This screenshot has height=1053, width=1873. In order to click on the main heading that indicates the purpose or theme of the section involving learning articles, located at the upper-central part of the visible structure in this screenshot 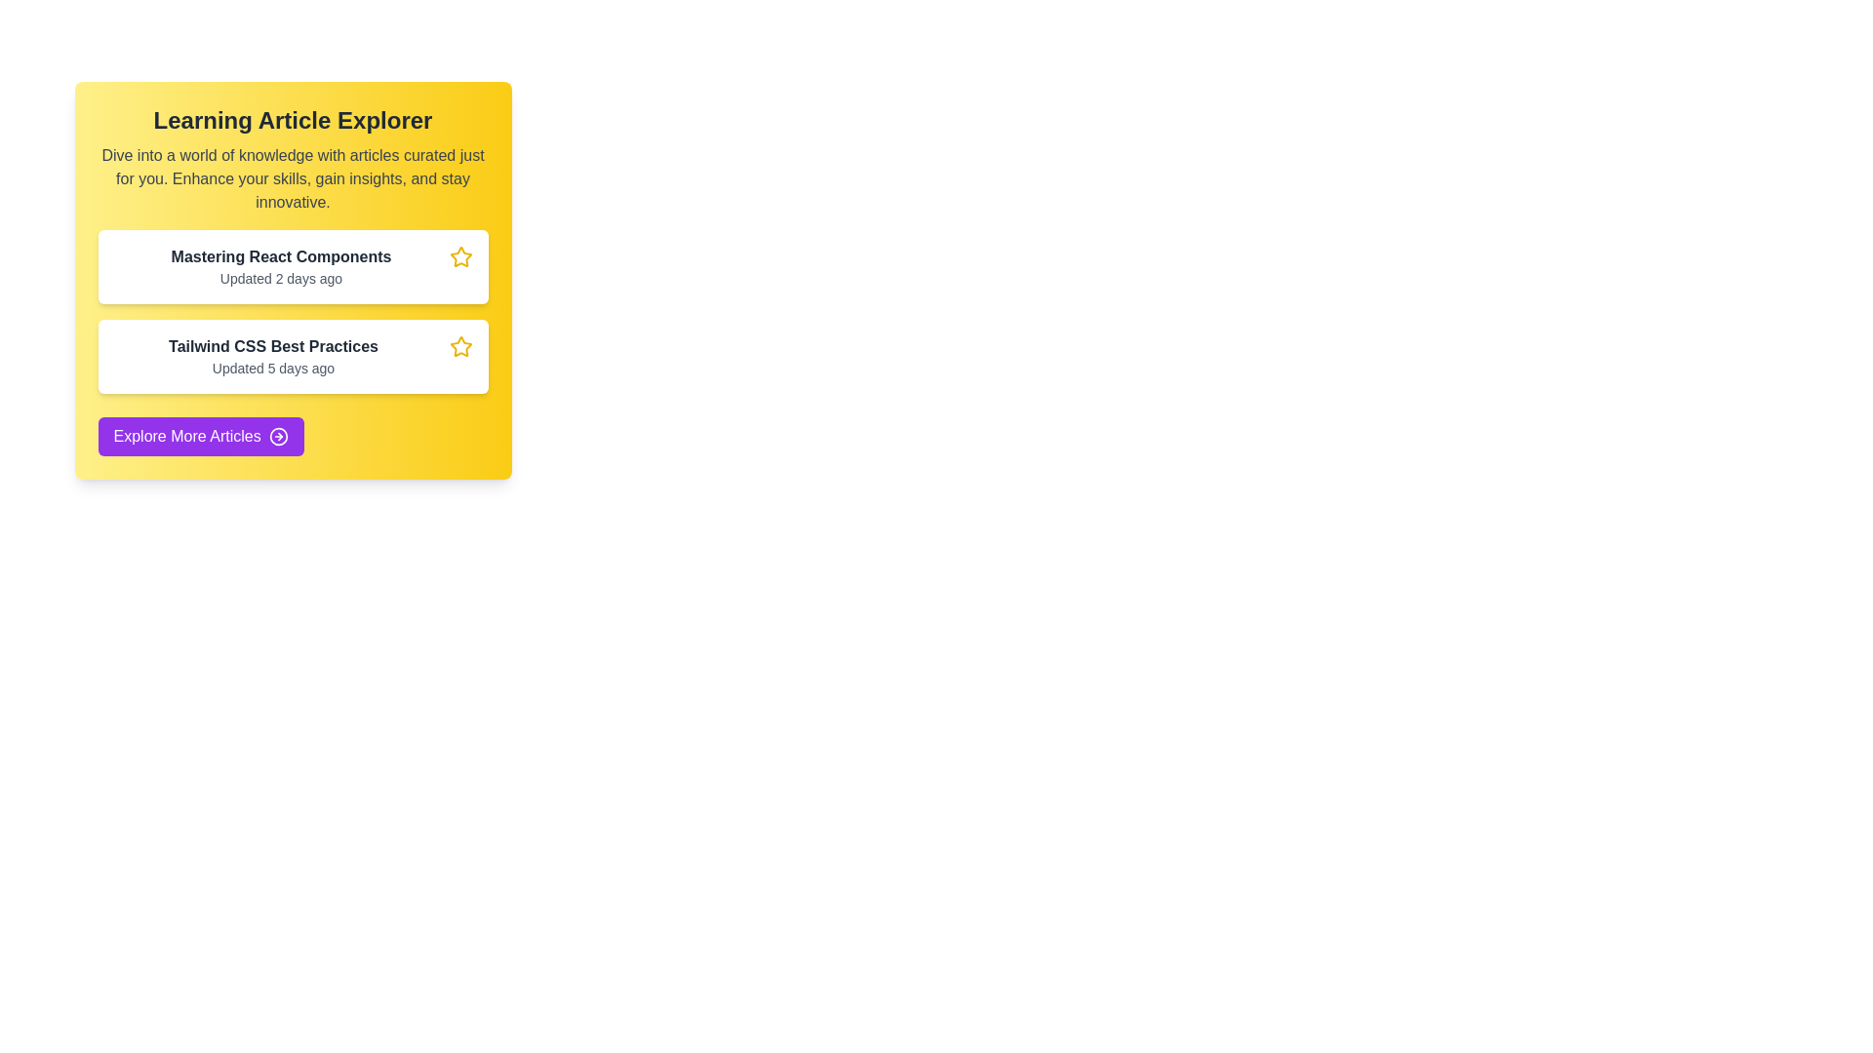, I will do `click(292, 120)`.